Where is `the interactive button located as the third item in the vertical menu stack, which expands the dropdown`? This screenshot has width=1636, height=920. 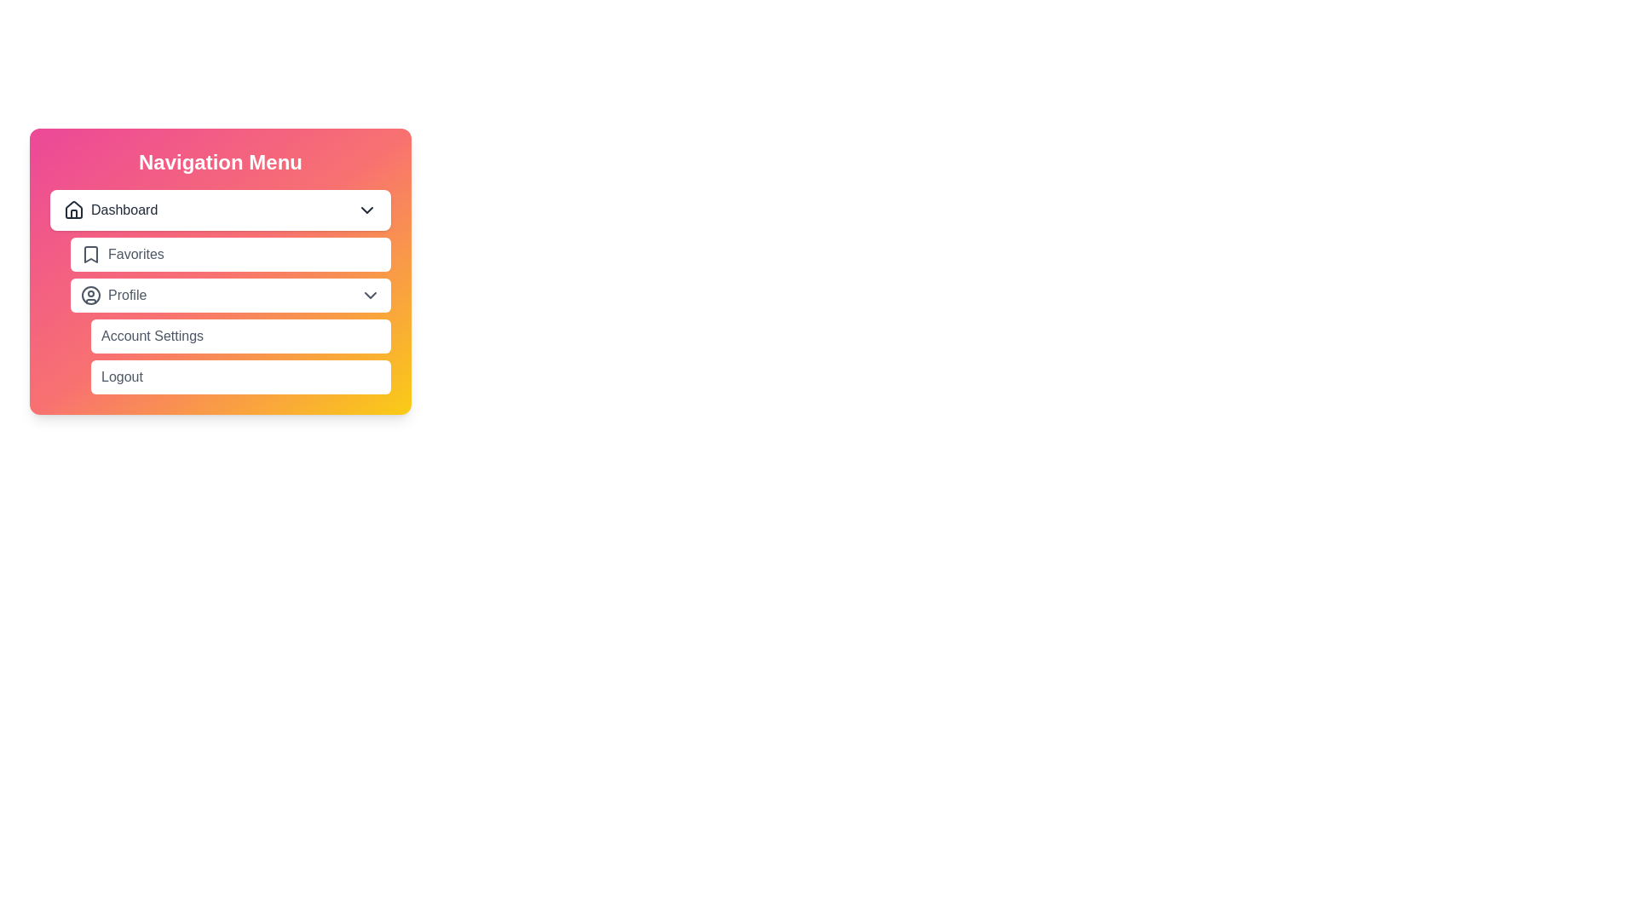
the interactive button located as the third item in the vertical menu stack, which expands the dropdown is located at coordinates (229, 295).